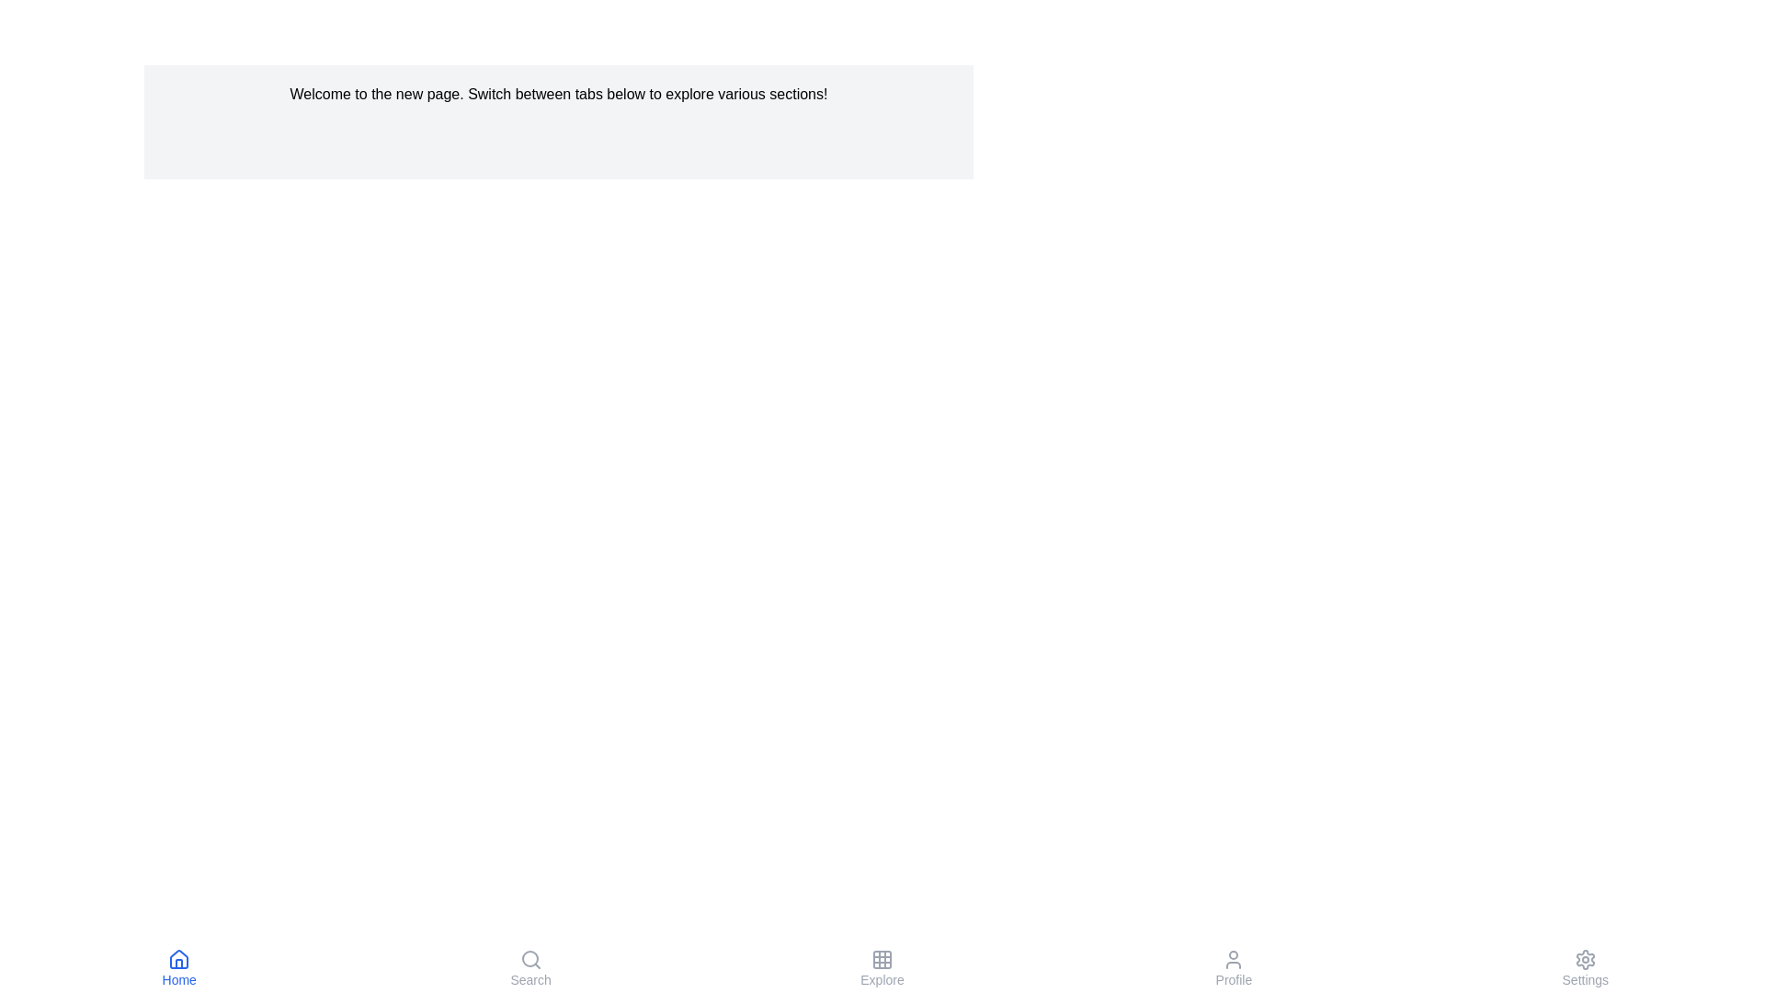 Image resolution: width=1765 pixels, height=993 pixels. What do you see at coordinates (1234, 967) in the screenshot?
I see `the 'Profile' navigation button located in the bottom horizontal navigation bar, which is the fourth button from the left` at bounding box center [1234, 967].